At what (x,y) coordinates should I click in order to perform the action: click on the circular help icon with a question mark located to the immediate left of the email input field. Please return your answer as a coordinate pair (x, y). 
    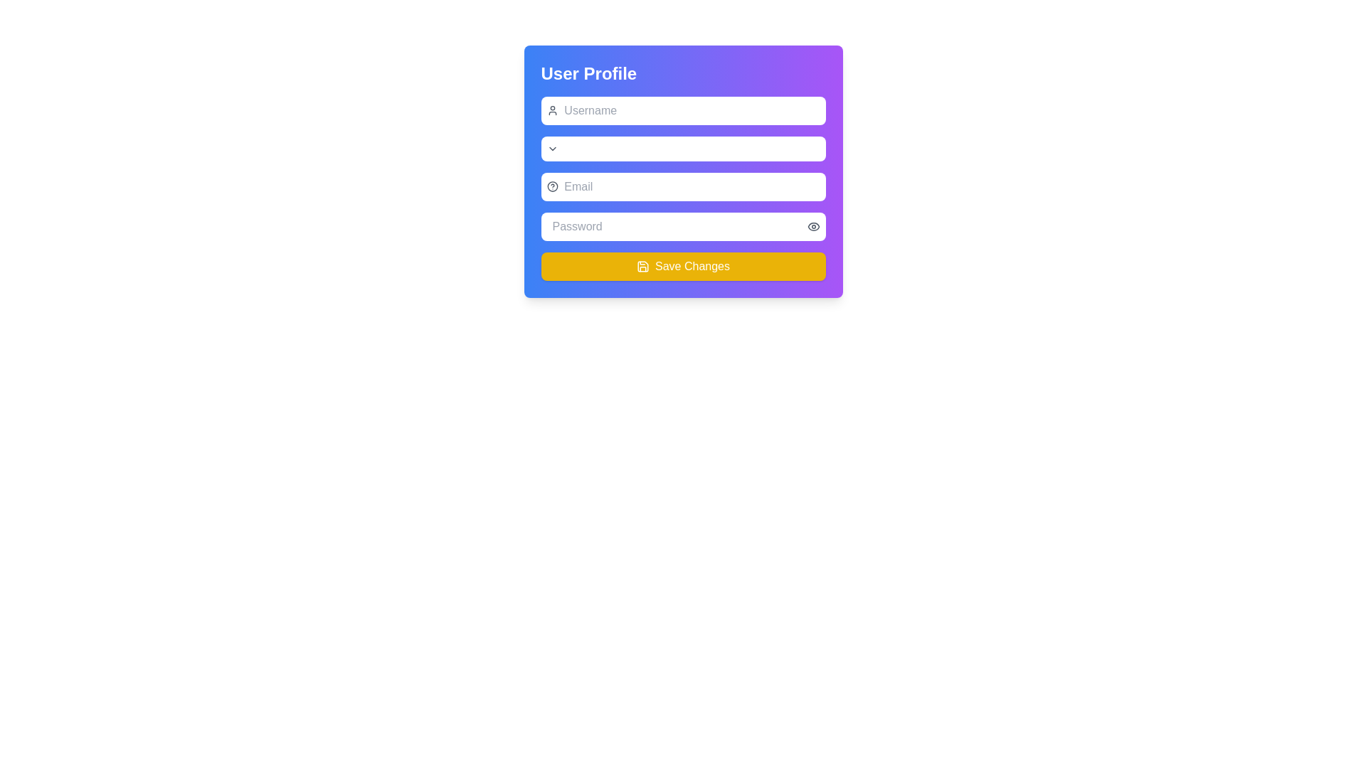
    Looking at the image, I should click on (551, 186).